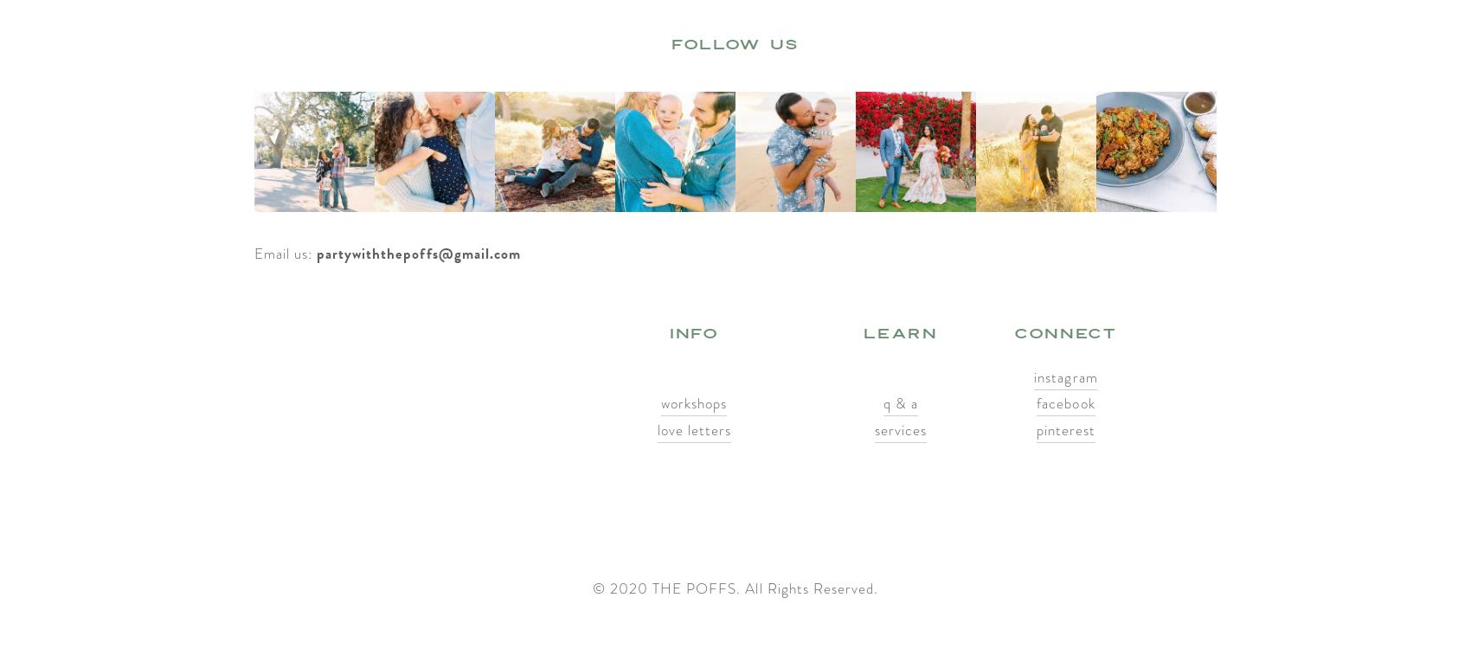 The width and height of the screenshot is (1471, 662). I want to click on 'CONNECT', so click(1064, 333).